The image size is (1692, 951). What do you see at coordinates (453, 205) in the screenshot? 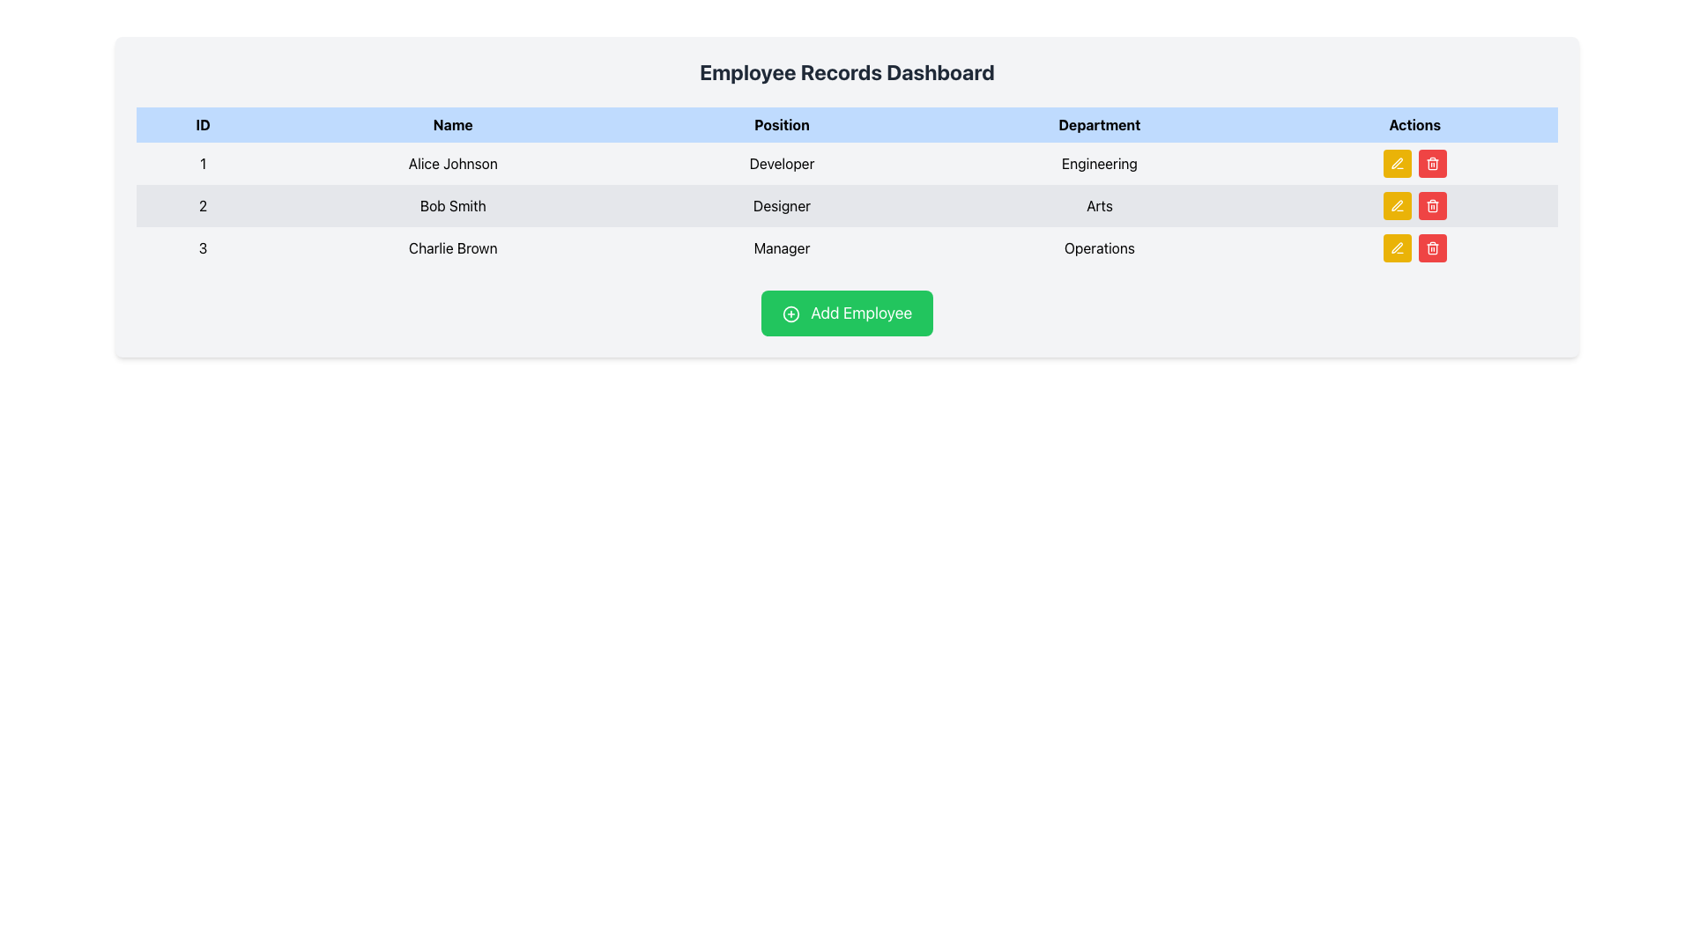
I see `the text label displaying the name 'Bob Smith' in the second row of the table under the 'Name' column` at bounding box center [453, 205].